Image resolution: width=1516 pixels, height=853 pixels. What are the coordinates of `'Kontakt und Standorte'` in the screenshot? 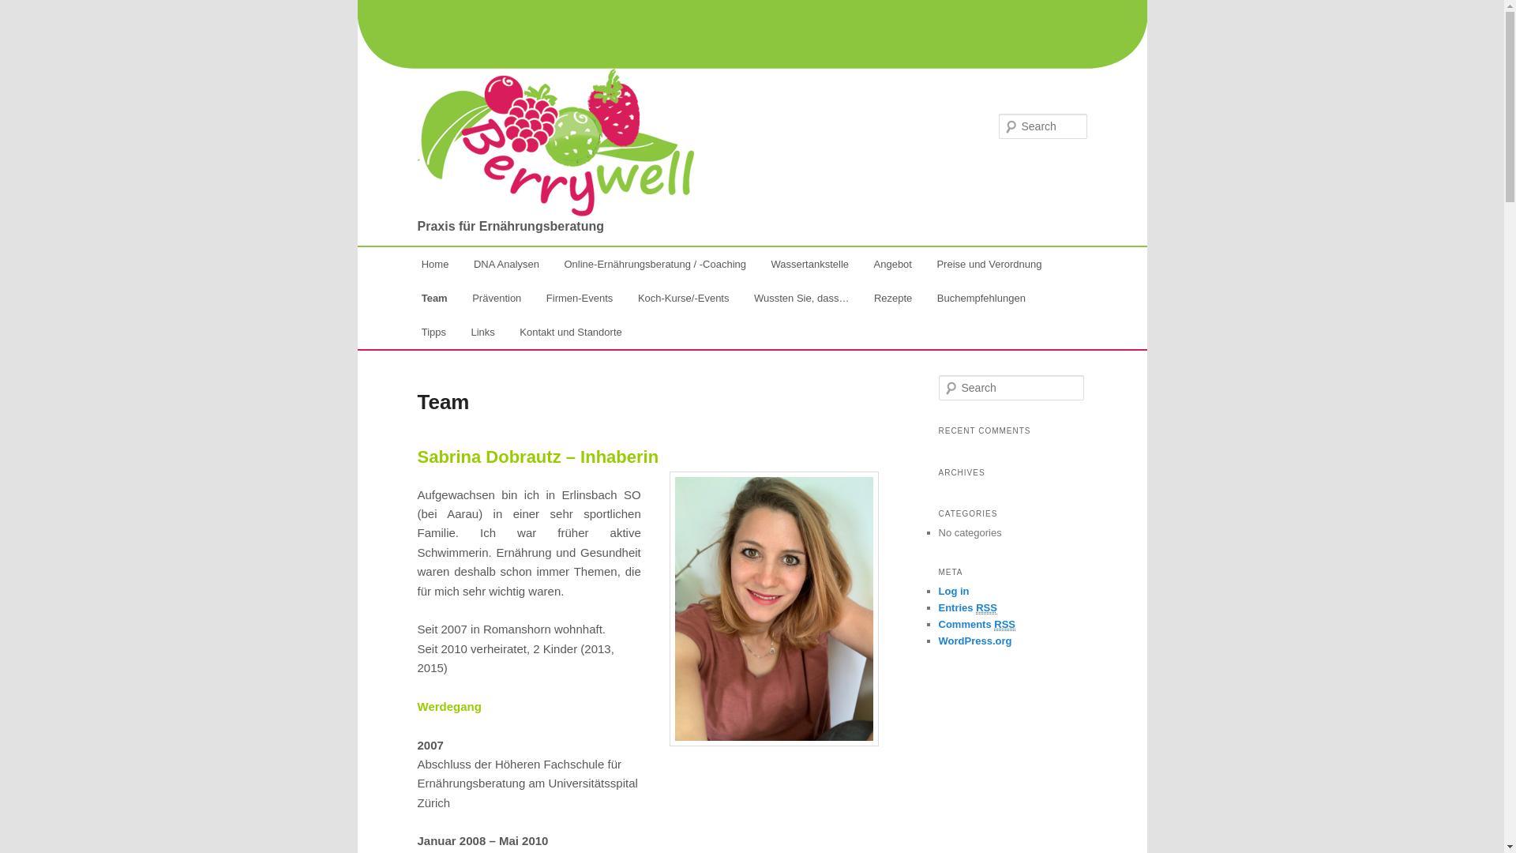 It's located at (570, 331).